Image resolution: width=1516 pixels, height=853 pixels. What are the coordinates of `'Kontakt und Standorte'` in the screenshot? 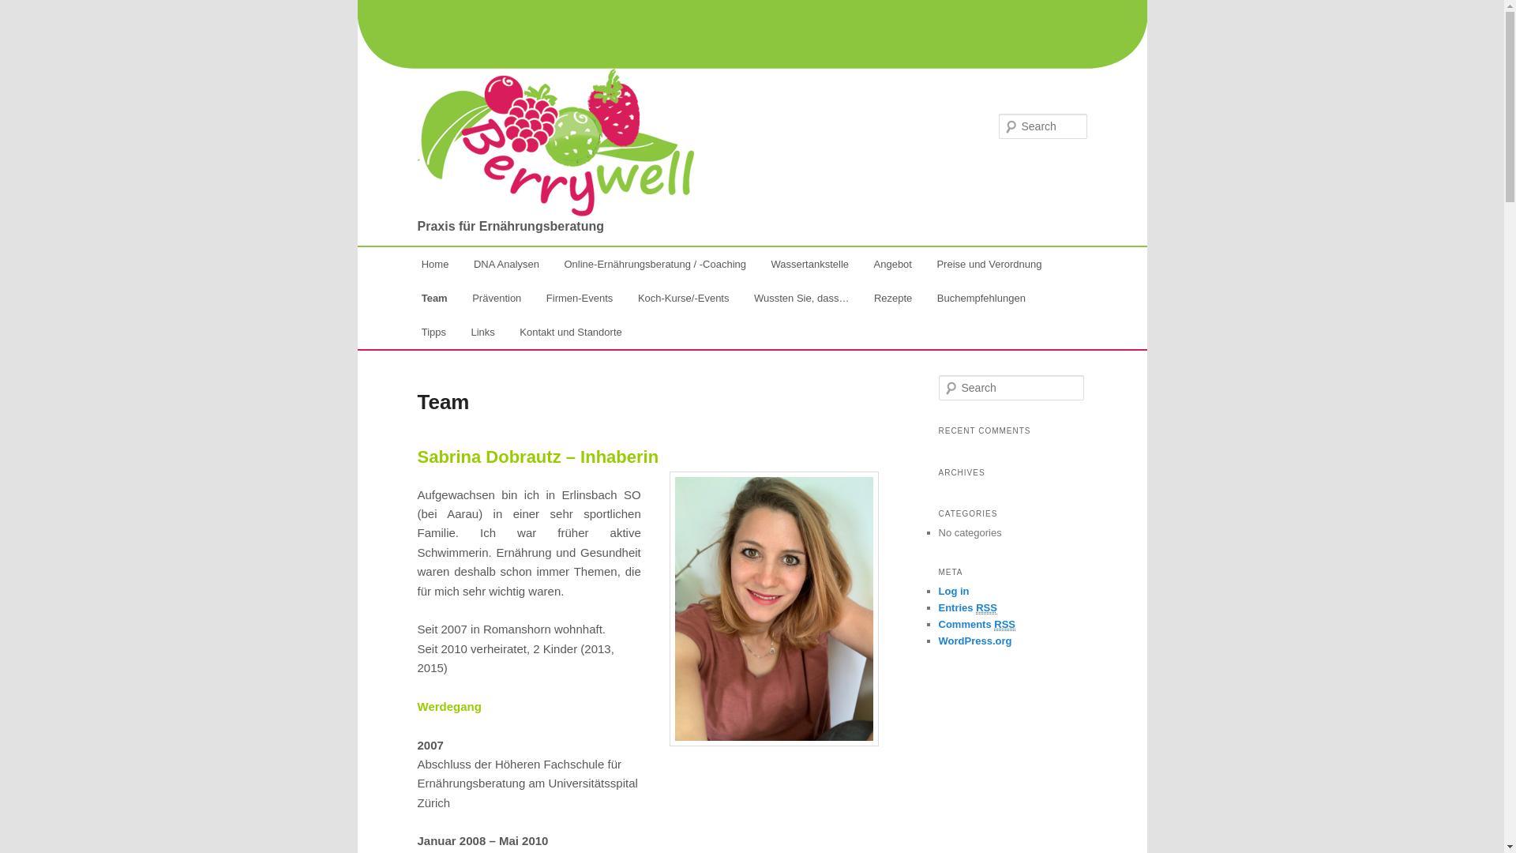 It's located at (570, 331).